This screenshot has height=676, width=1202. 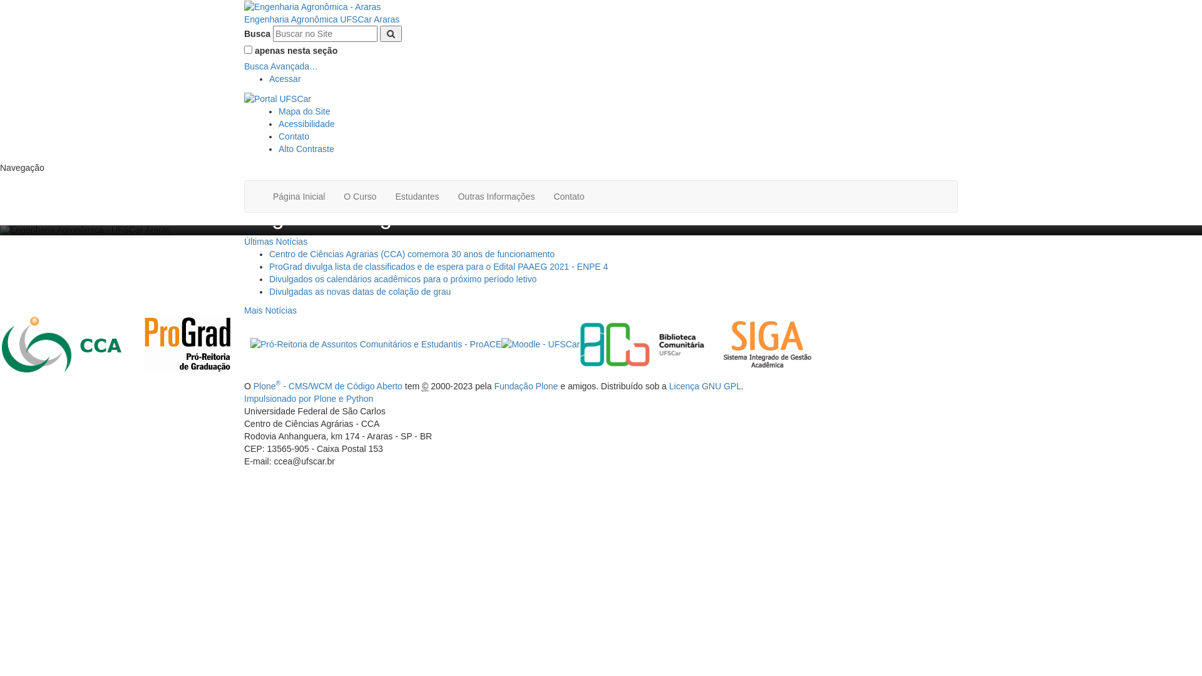 What do you see at coordinates (384, 196) in the screenshot?
I see `'Estudantes'` at bounding box center [384, 196].